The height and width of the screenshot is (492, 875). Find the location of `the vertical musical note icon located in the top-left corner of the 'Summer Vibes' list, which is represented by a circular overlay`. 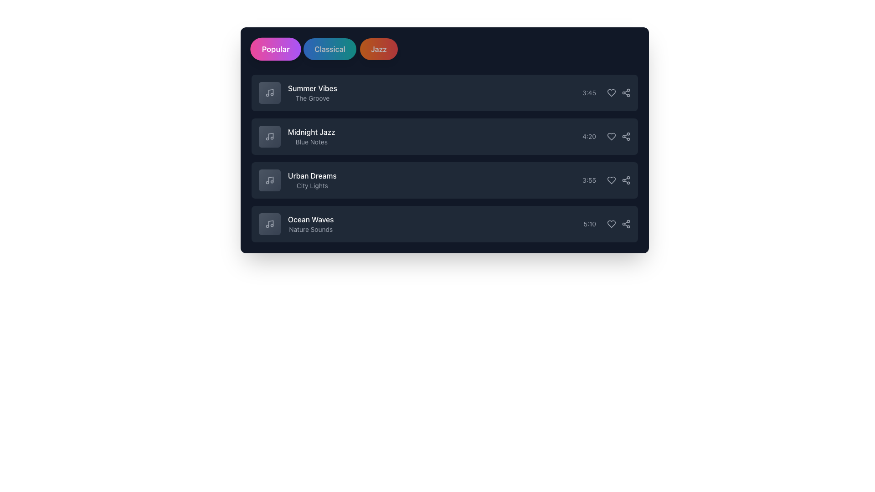

the vertical musical note icon located in the top-left corner of the 'Summer Vibes' list, which is represented by a circular overlay is located at coordinates (270, 92).